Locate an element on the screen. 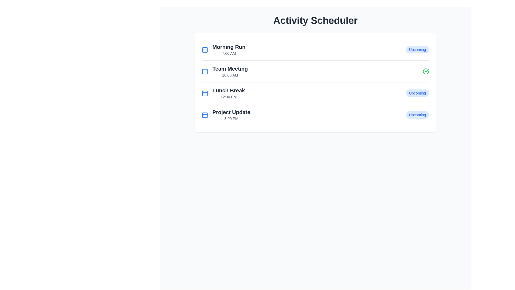  the primary title text in the fourth row of the scheduled activities list, which represents an event or task is located at coordinates (231, 112).